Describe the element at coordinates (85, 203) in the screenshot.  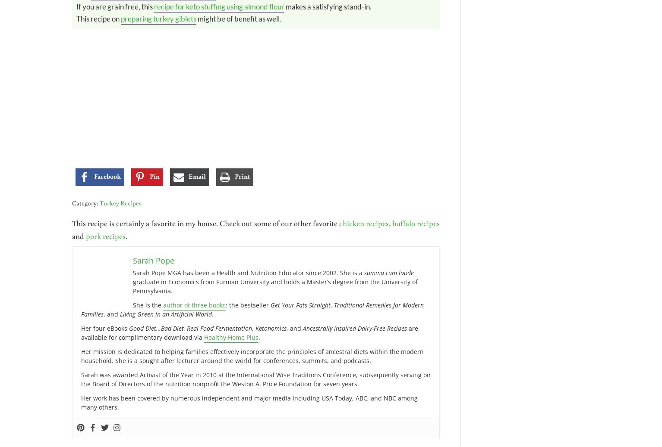
I see `'Category:'` at that location.